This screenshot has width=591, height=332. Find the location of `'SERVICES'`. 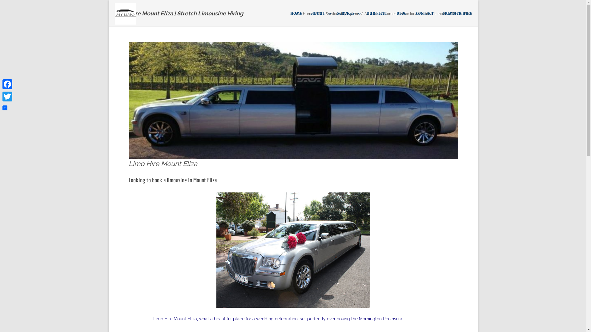

'SERVICES' is located at coordinates (347, 13).